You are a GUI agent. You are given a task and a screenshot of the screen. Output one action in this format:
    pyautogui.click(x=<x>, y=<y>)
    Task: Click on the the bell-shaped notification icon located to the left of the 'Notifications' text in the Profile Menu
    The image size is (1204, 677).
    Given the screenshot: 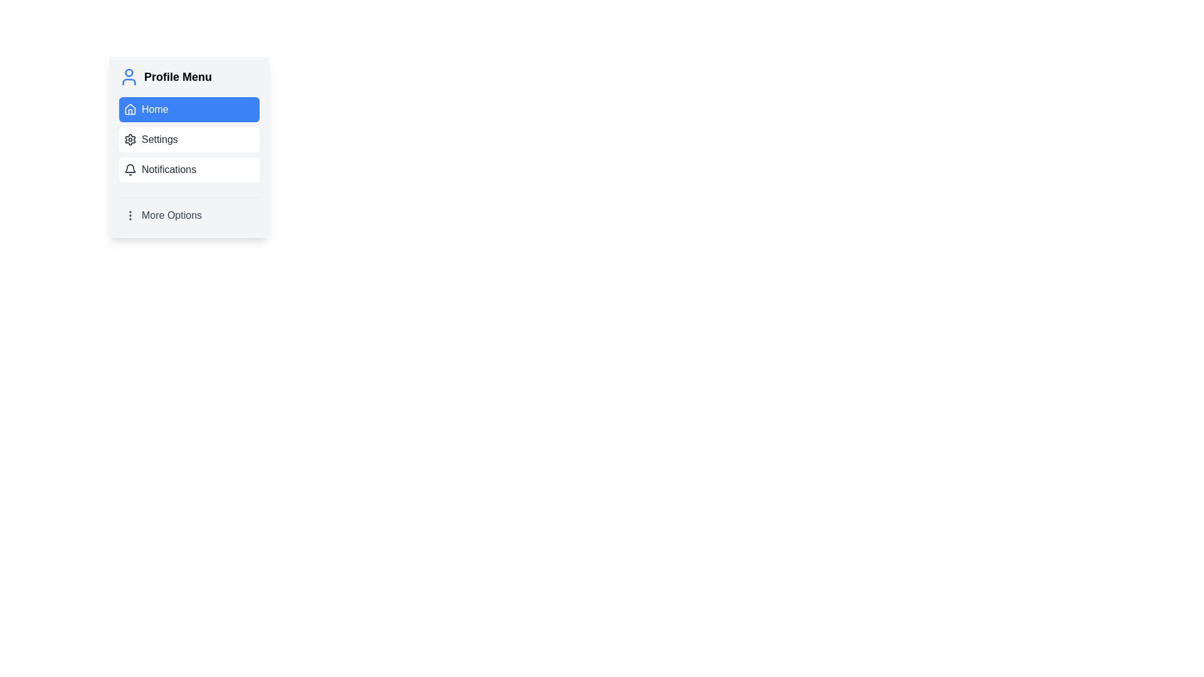 What is the action you would take?
    pyautogui.click(x=130, y=169)
    